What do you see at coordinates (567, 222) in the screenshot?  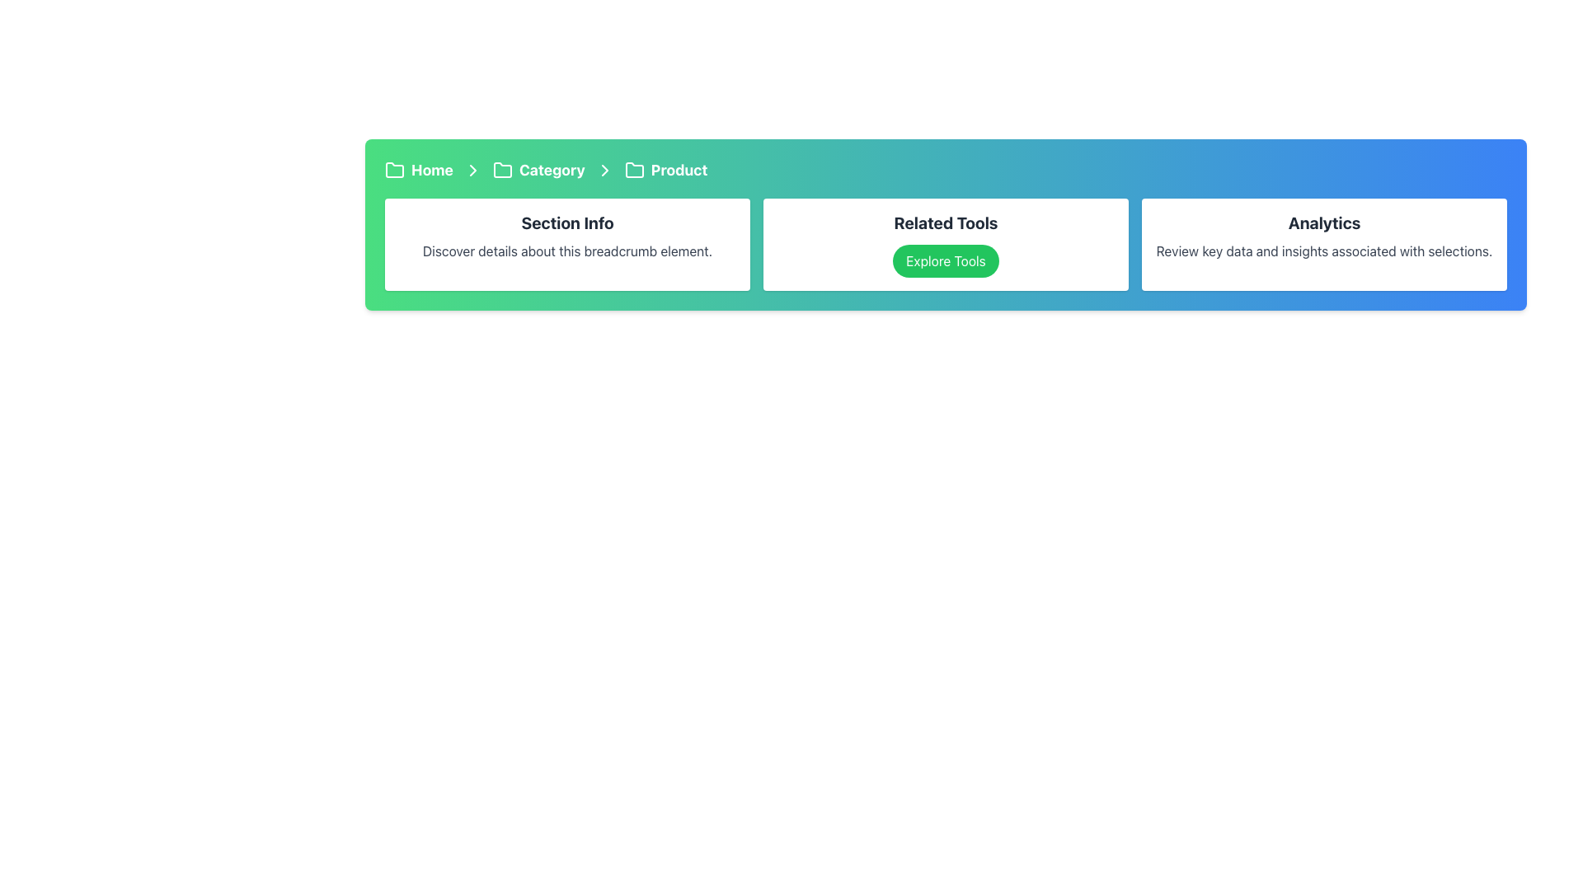 I see `text of the bold heading 'Section Info' which is prominently displayed at the top of the section with a dark font color` at bounding box center [567, 222].